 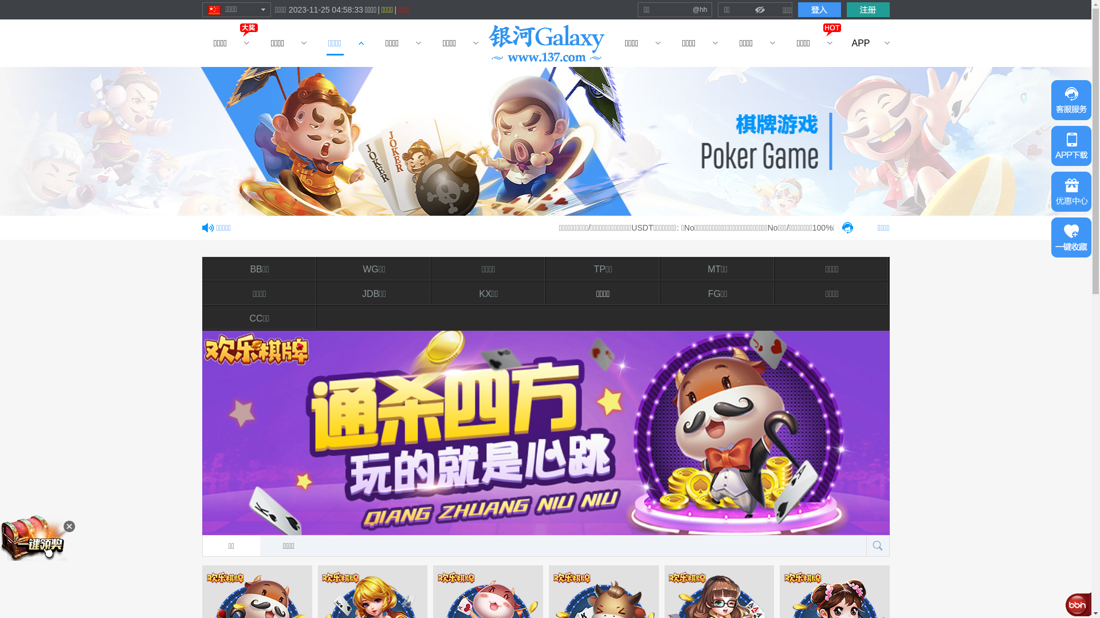 What do you see at coordinates (861, 42) in the screenshot?
I see `'APP'` at bounding box center [861, 42].